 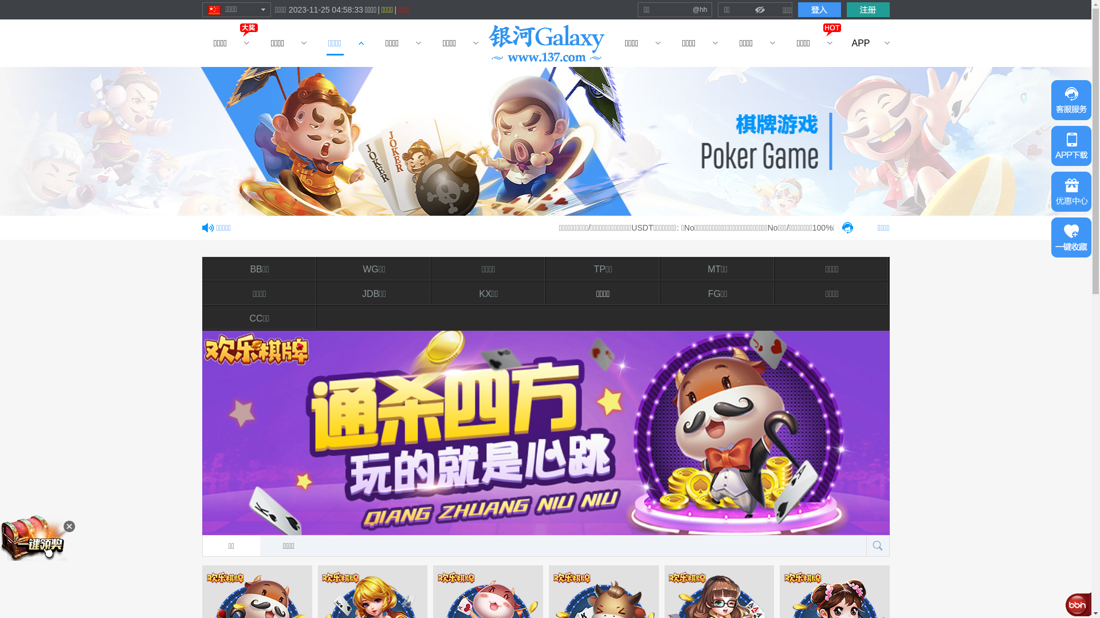 What do you see at coordinates (861, 42) in the screenshot?
I see `'APP'` at bounding box center [861, 42].